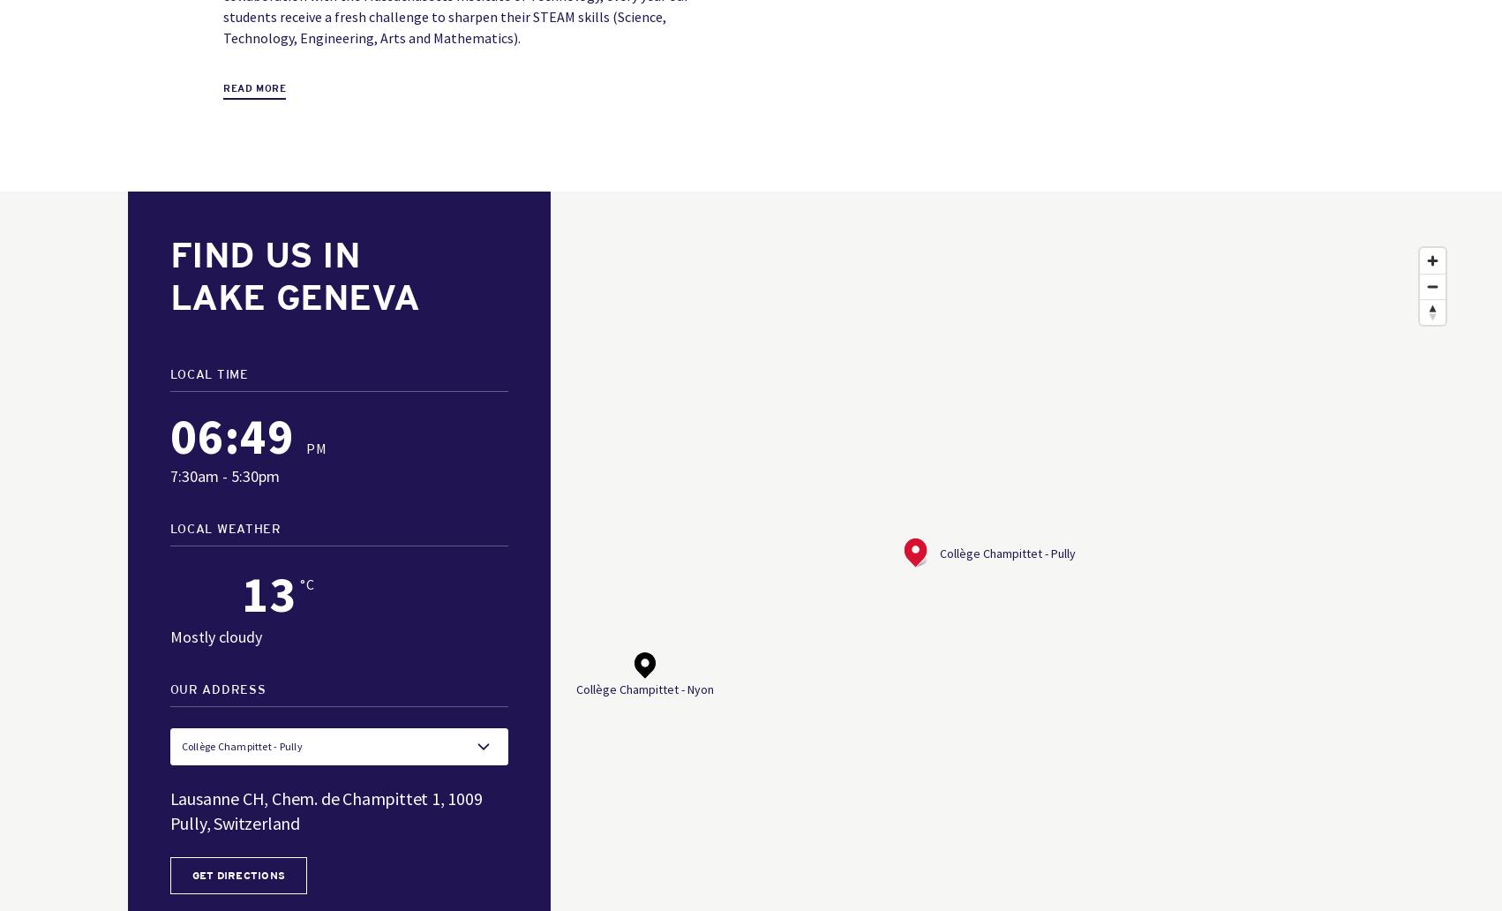 The width and height of the screenshot is (1502, 911). I want to click on 'Lake Geneva', so click(294, 297).